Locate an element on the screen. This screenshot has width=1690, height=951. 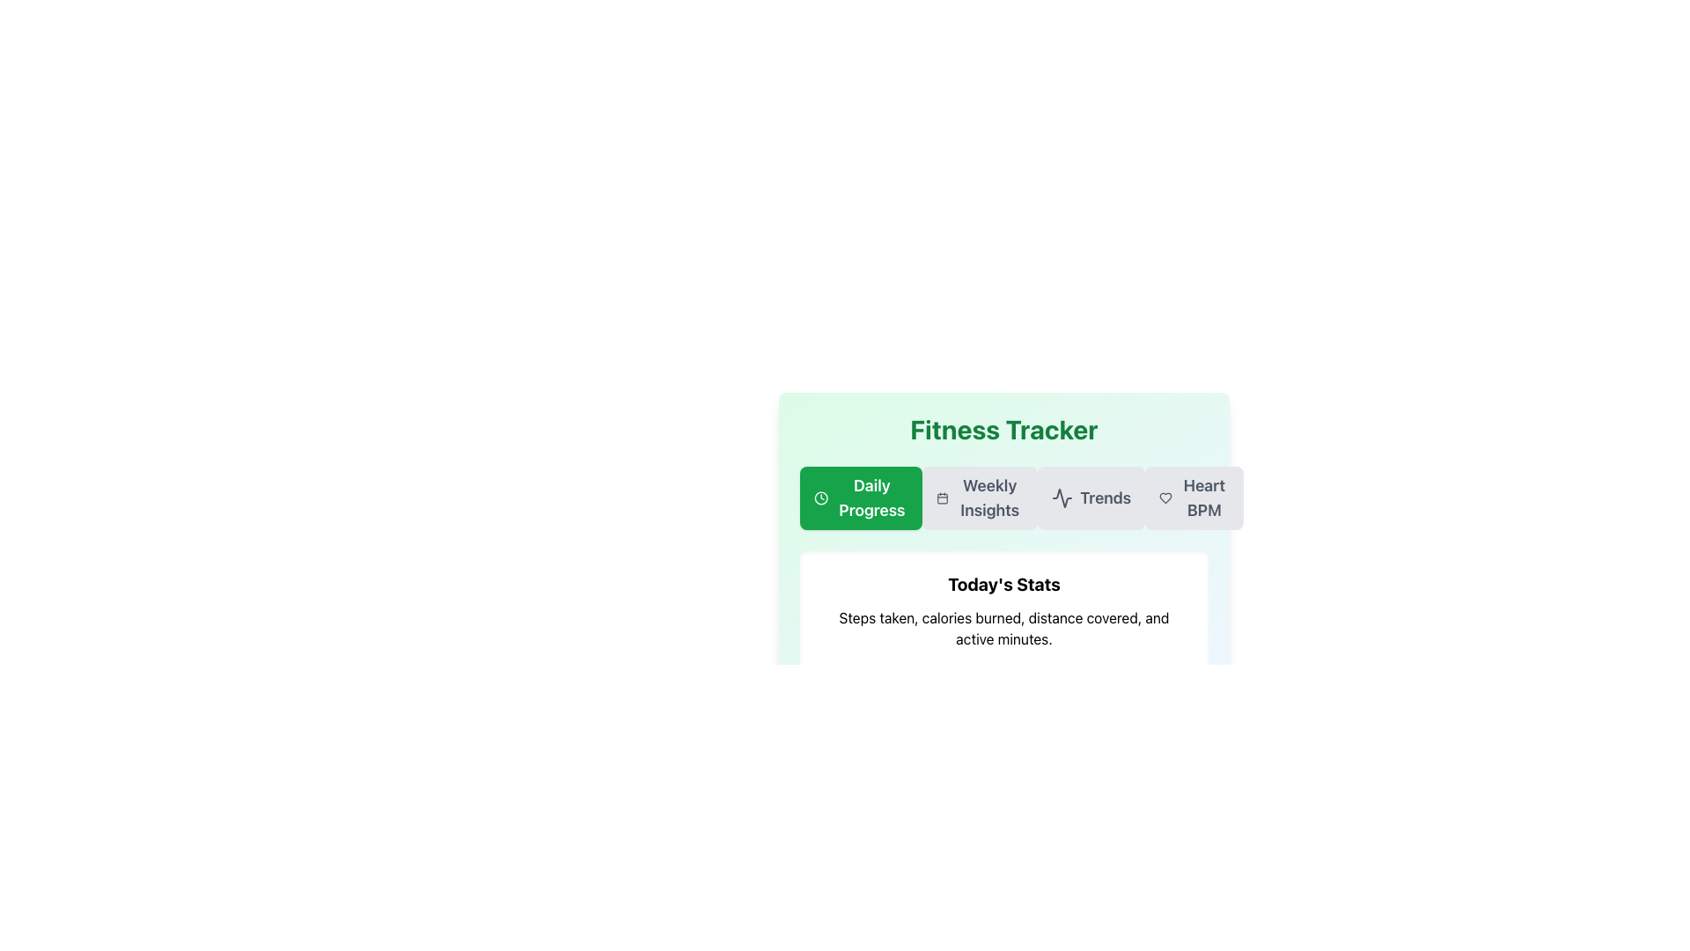
the third icon in the navigation menu, which has a wave or zigzag pattern is located at coordinates (1062, 498).